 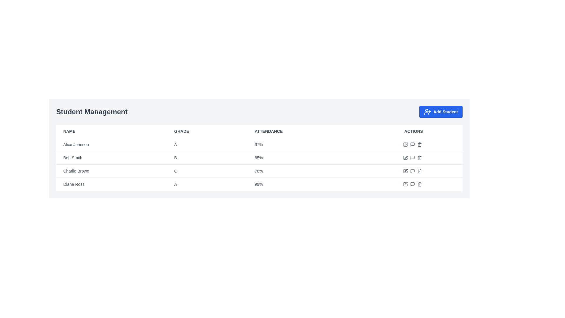 What do you see at coordinates (405, 144) in the screenshot?
I see `the edit action icon in the 'Actions' column of the first row for 'Alice Johnson'` at bounding box center [405, 144].